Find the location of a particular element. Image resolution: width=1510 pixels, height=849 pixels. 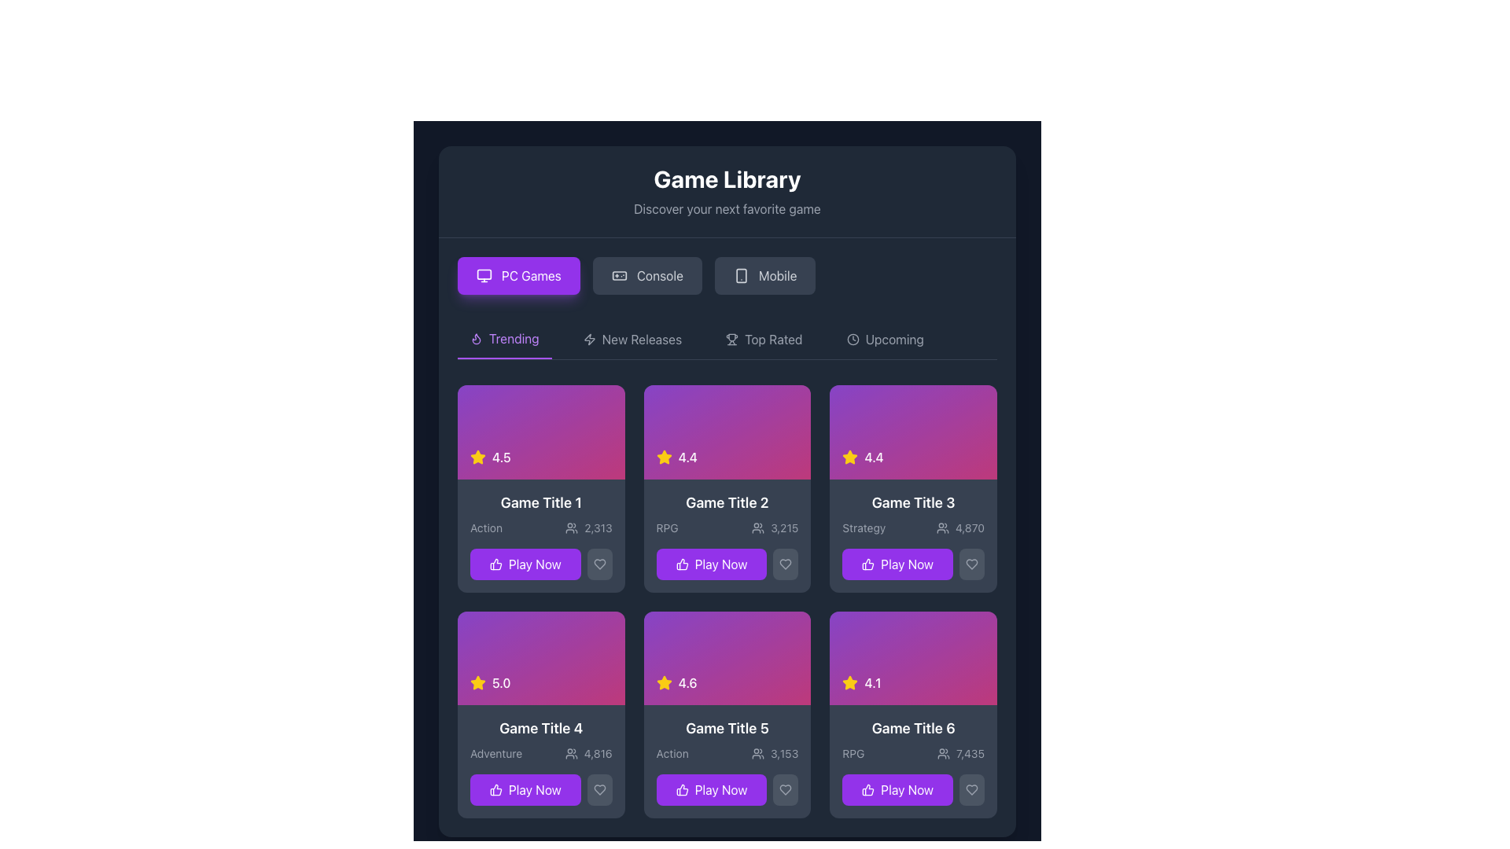

the highlighted 'Mobile' button in the Navigation menu located below the header 'Game Library' to filter content by mobile games is located at coordinates (727, 275).